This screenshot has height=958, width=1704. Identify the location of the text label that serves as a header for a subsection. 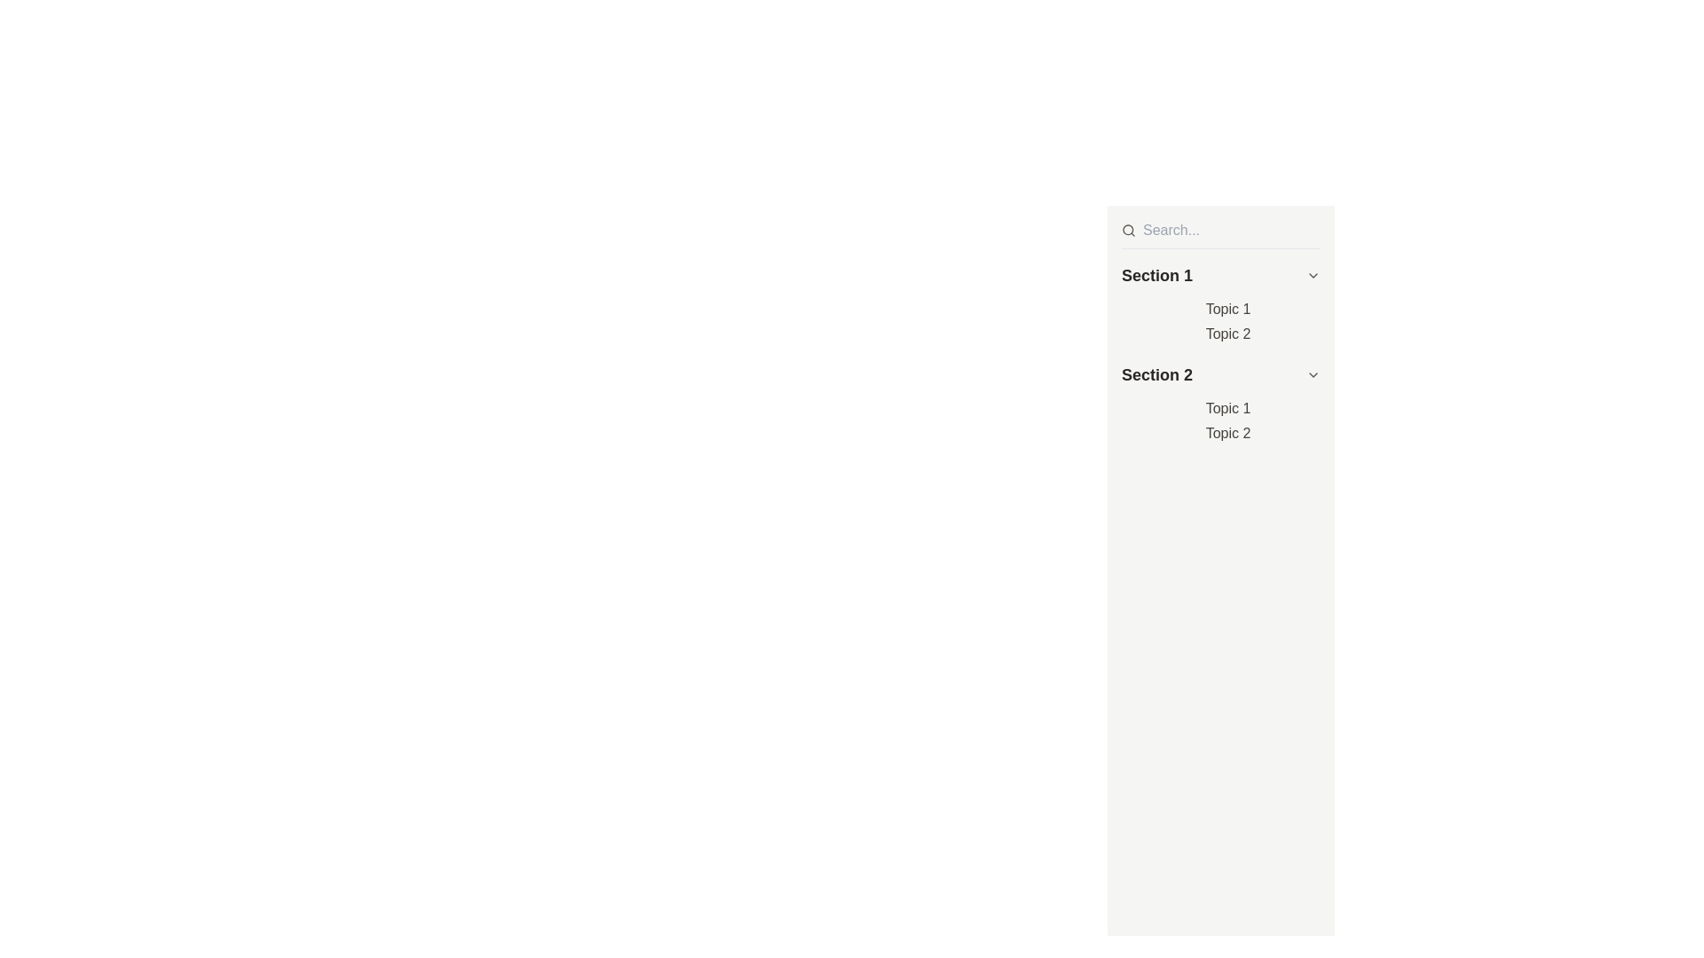
(1157, 374).